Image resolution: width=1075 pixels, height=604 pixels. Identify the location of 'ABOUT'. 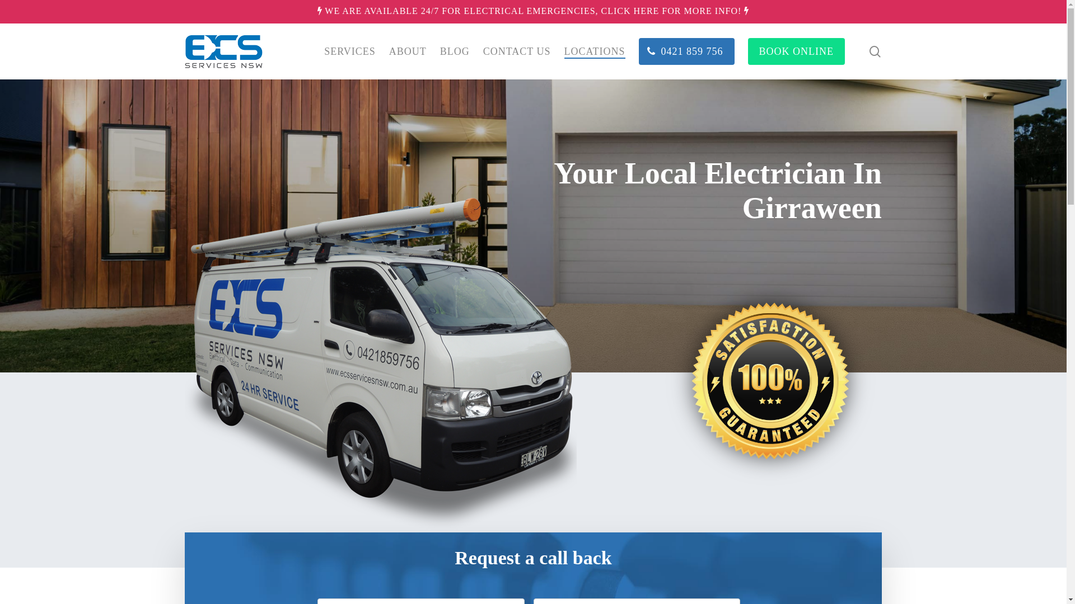
(407, 51).